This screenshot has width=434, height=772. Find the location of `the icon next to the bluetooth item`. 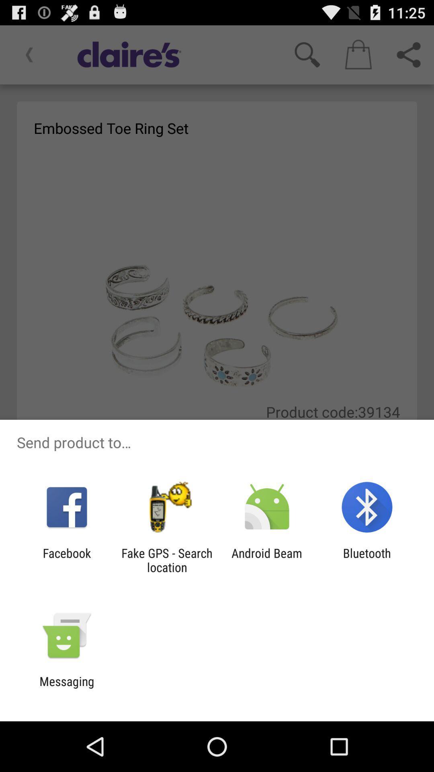

the icon next to the bluetooth item is located at coordinates (267, 560).